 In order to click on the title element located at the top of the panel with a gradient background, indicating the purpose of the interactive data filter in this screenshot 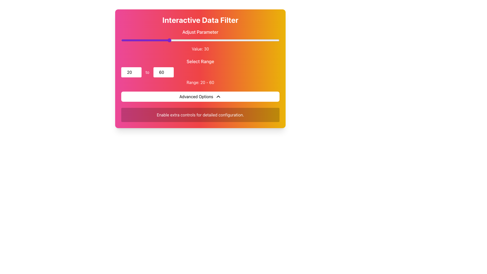, I will do `click(200, 20)`.